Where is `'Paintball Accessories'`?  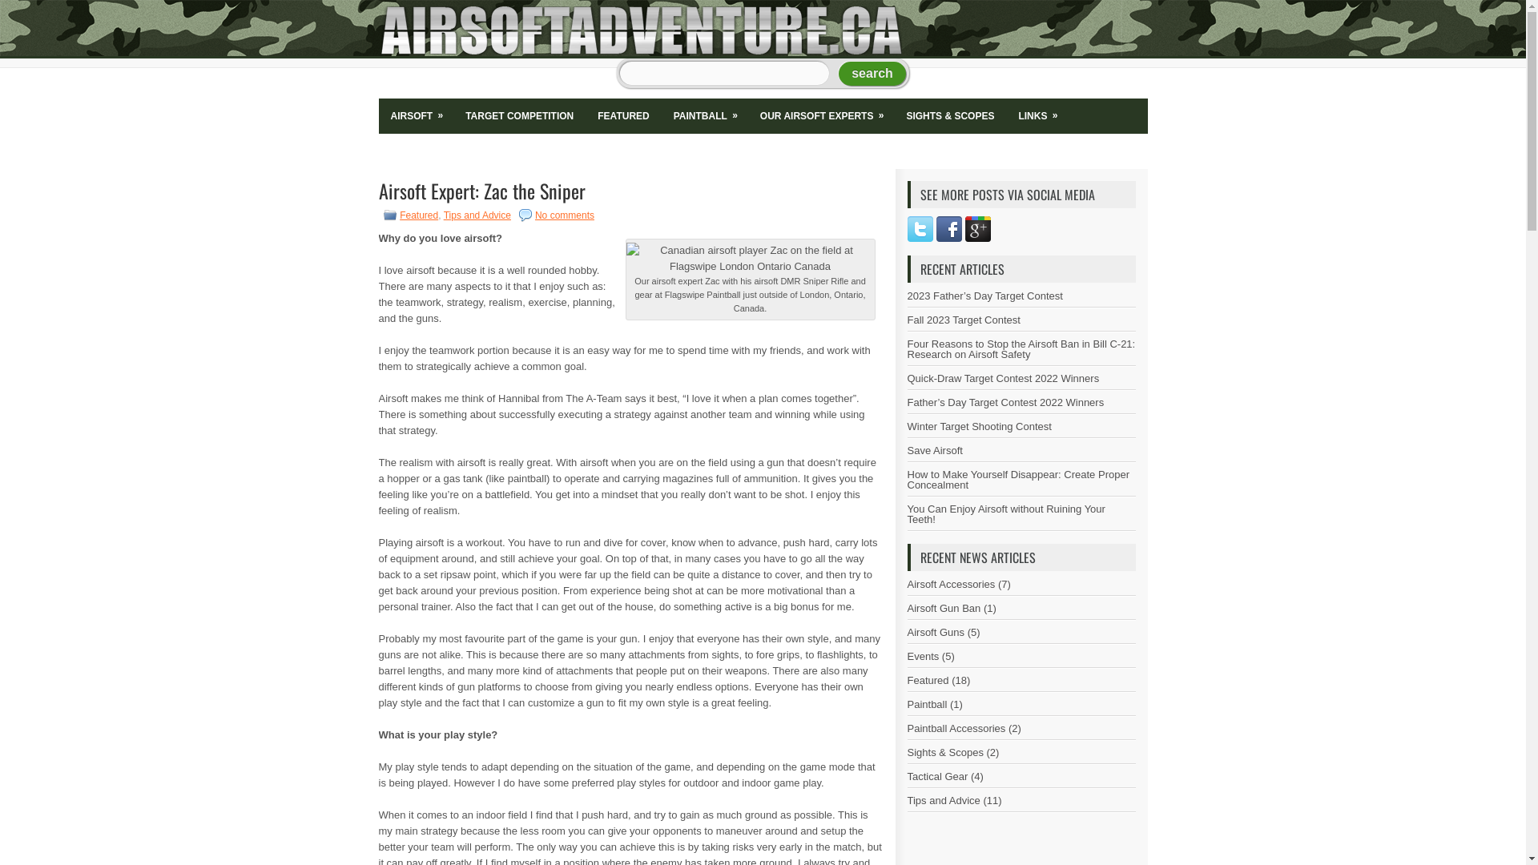 'Paintball Accessories' is located at coordinates (956, 728).